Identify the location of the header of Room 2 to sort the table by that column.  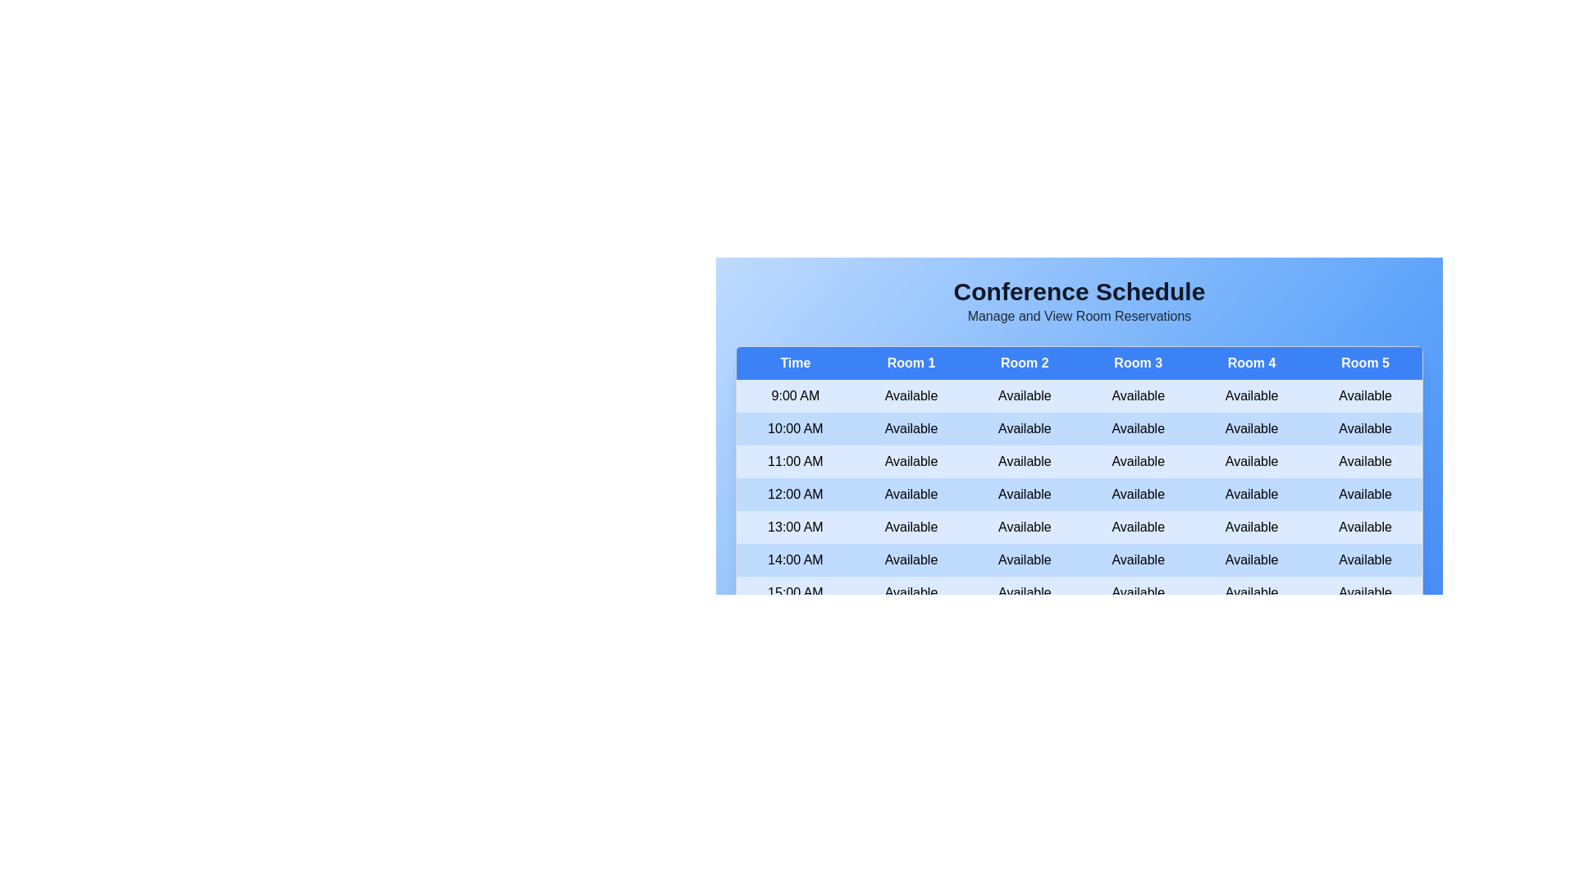
(1024, 362).